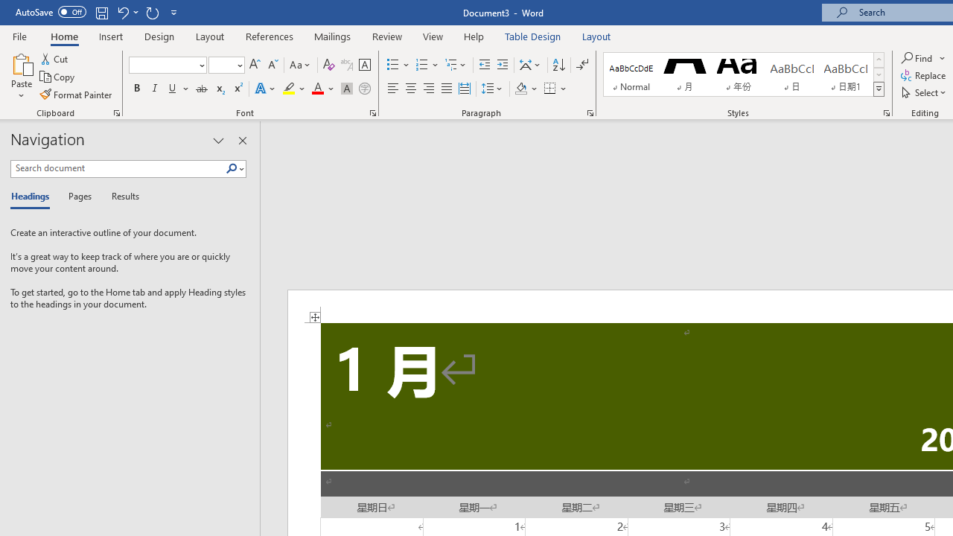 The width and height of the screenshot is (953, 536). What do you see at coordinates (332, 36) in the screenshot?
I see `'Mailings'` at bounding box center [332, 36].